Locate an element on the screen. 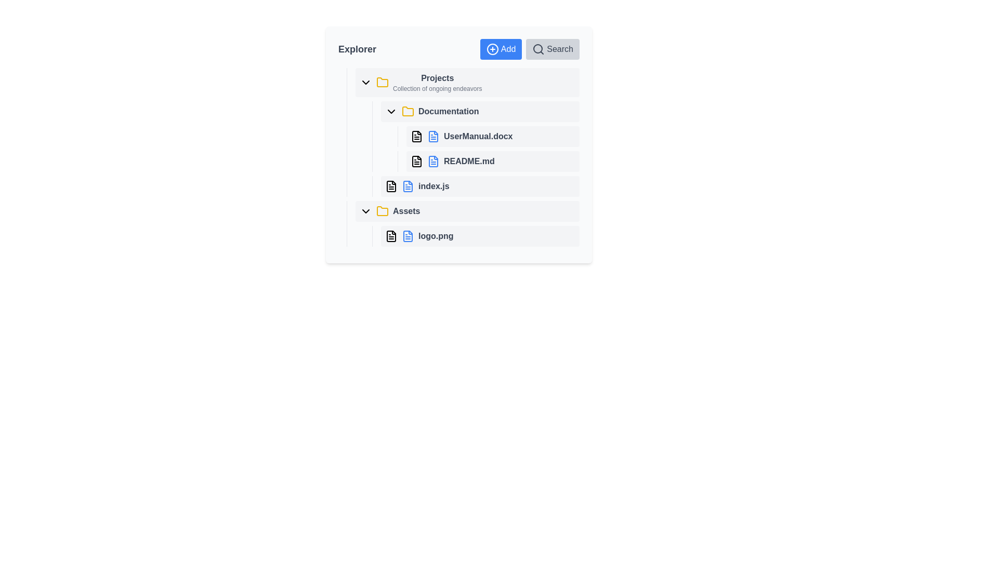 The width and height of the screenshot is (998, 561). the downward-pointing arrow icon for the dropdown menu is located at coordinates (391, 112).